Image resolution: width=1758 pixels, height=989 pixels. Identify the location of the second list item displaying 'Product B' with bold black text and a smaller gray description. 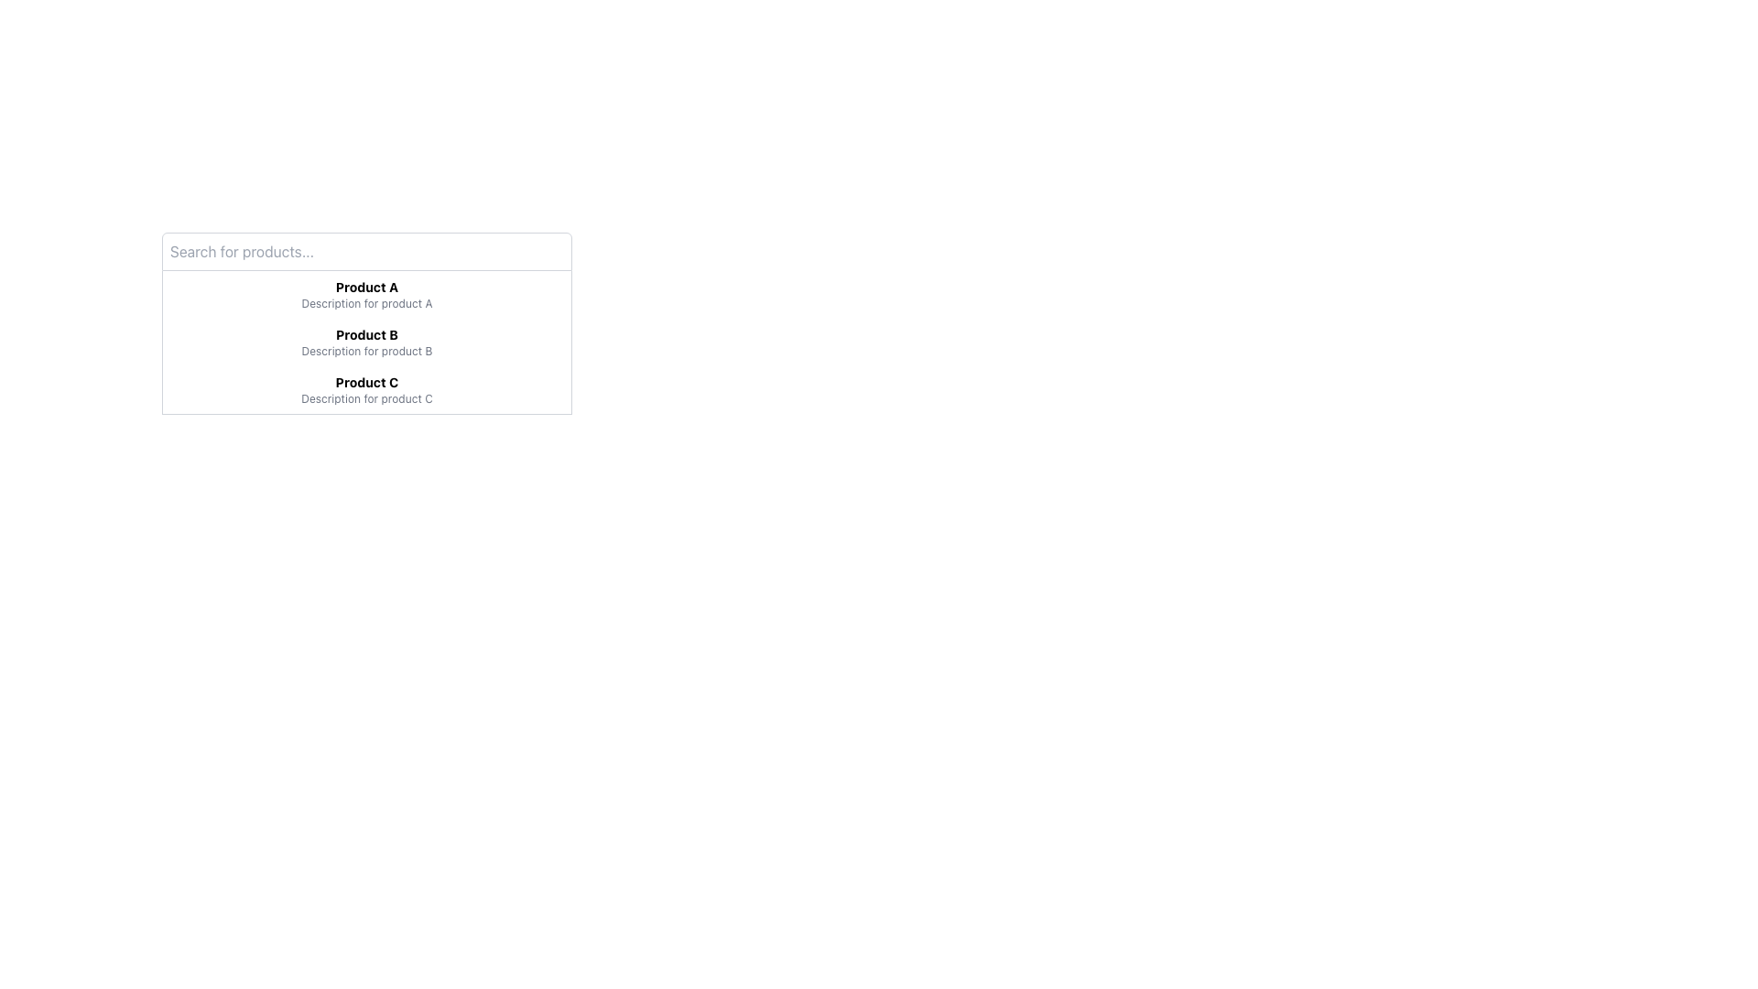
(366, 342).